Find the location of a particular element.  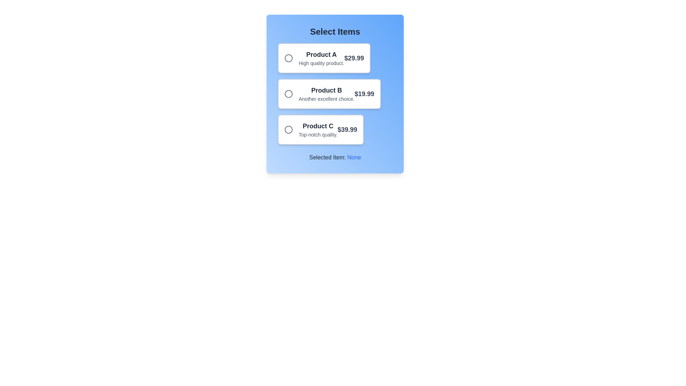

bold, black text labeled 'Product A' which is the first text element inside the product selection card at the topmost position is located at coordinates (321, 54).